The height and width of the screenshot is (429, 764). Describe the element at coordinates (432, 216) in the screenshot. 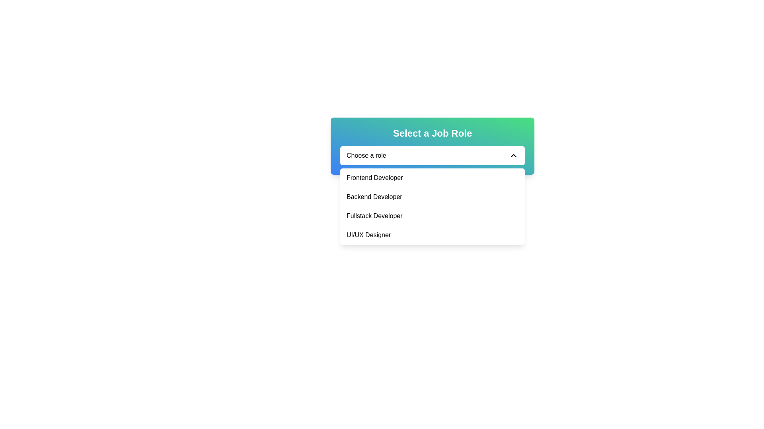

I see `the 'Fullstack Developer' option in the dropdown menu` at that location.